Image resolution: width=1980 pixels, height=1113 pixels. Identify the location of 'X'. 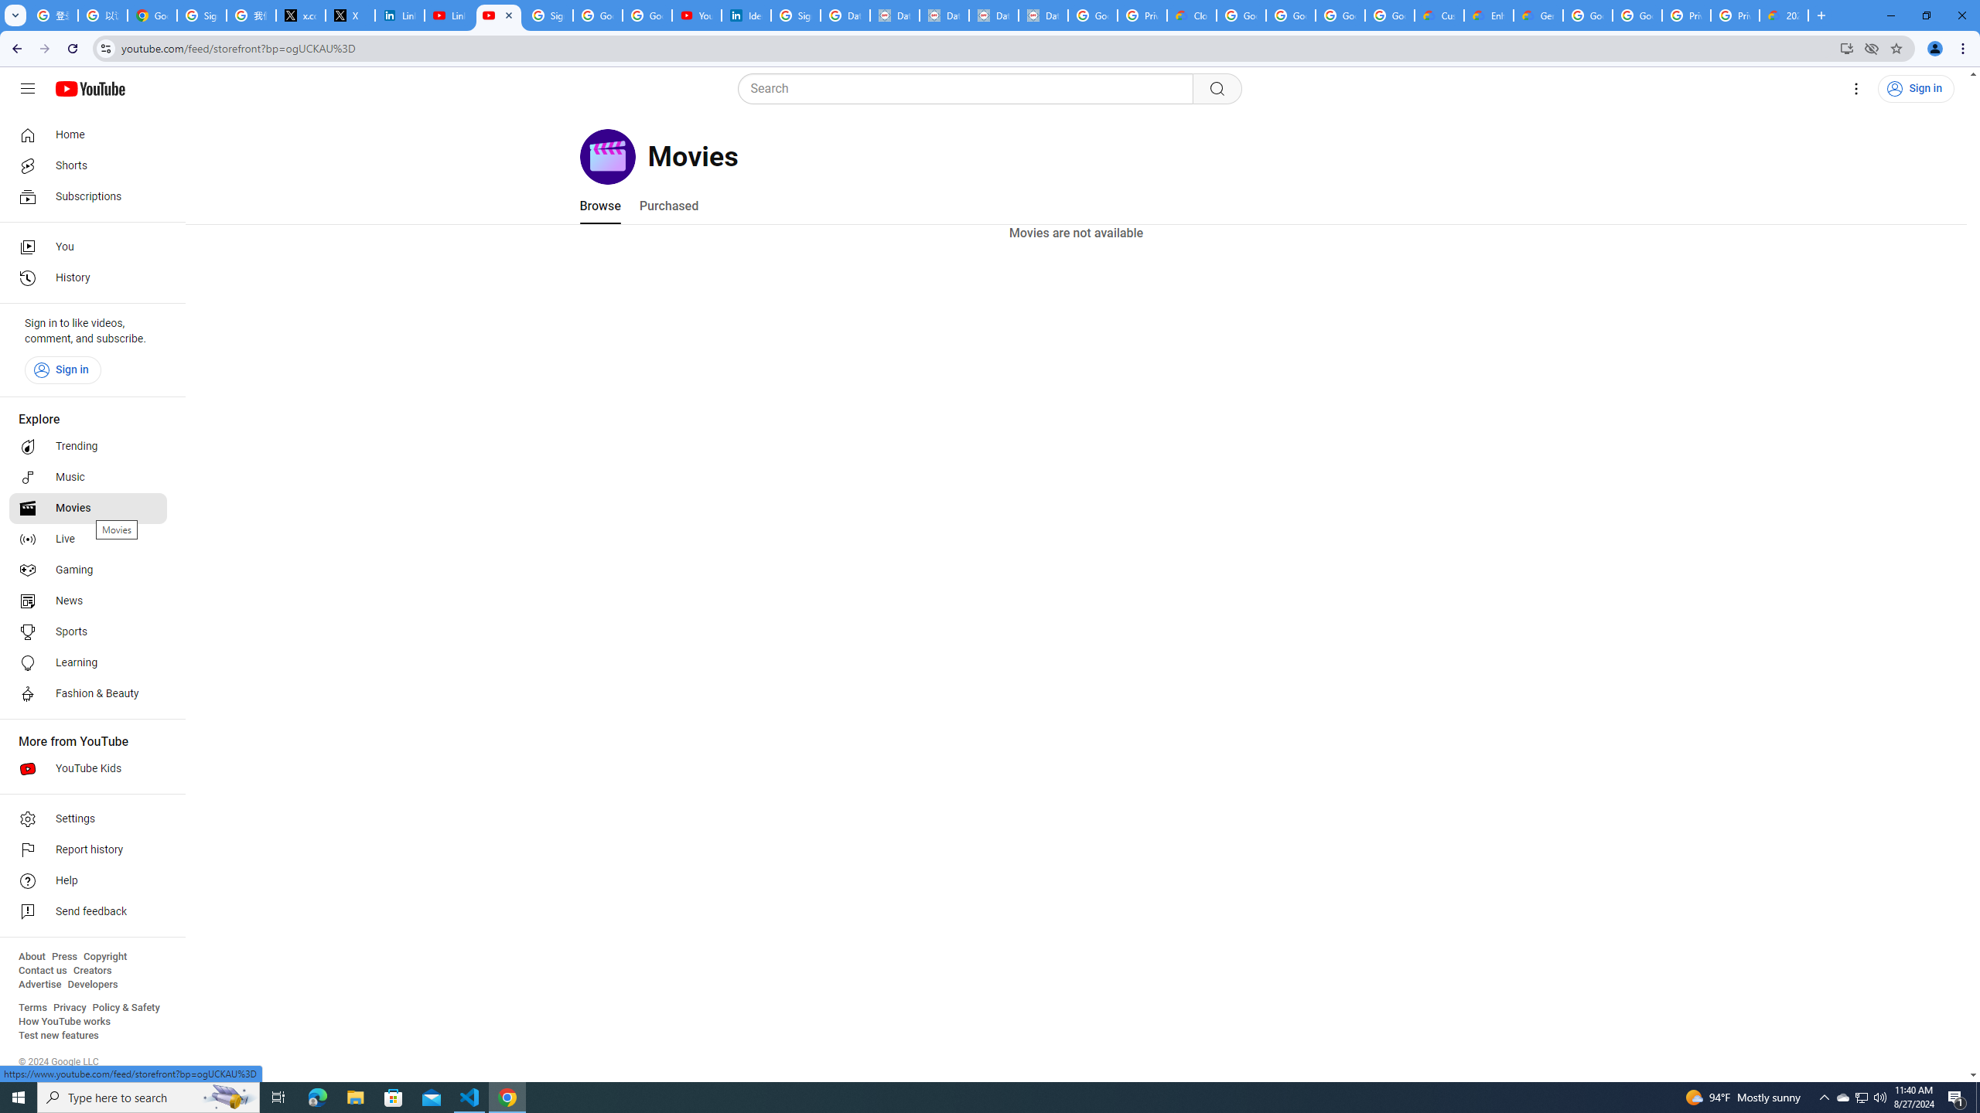
(350, 15).